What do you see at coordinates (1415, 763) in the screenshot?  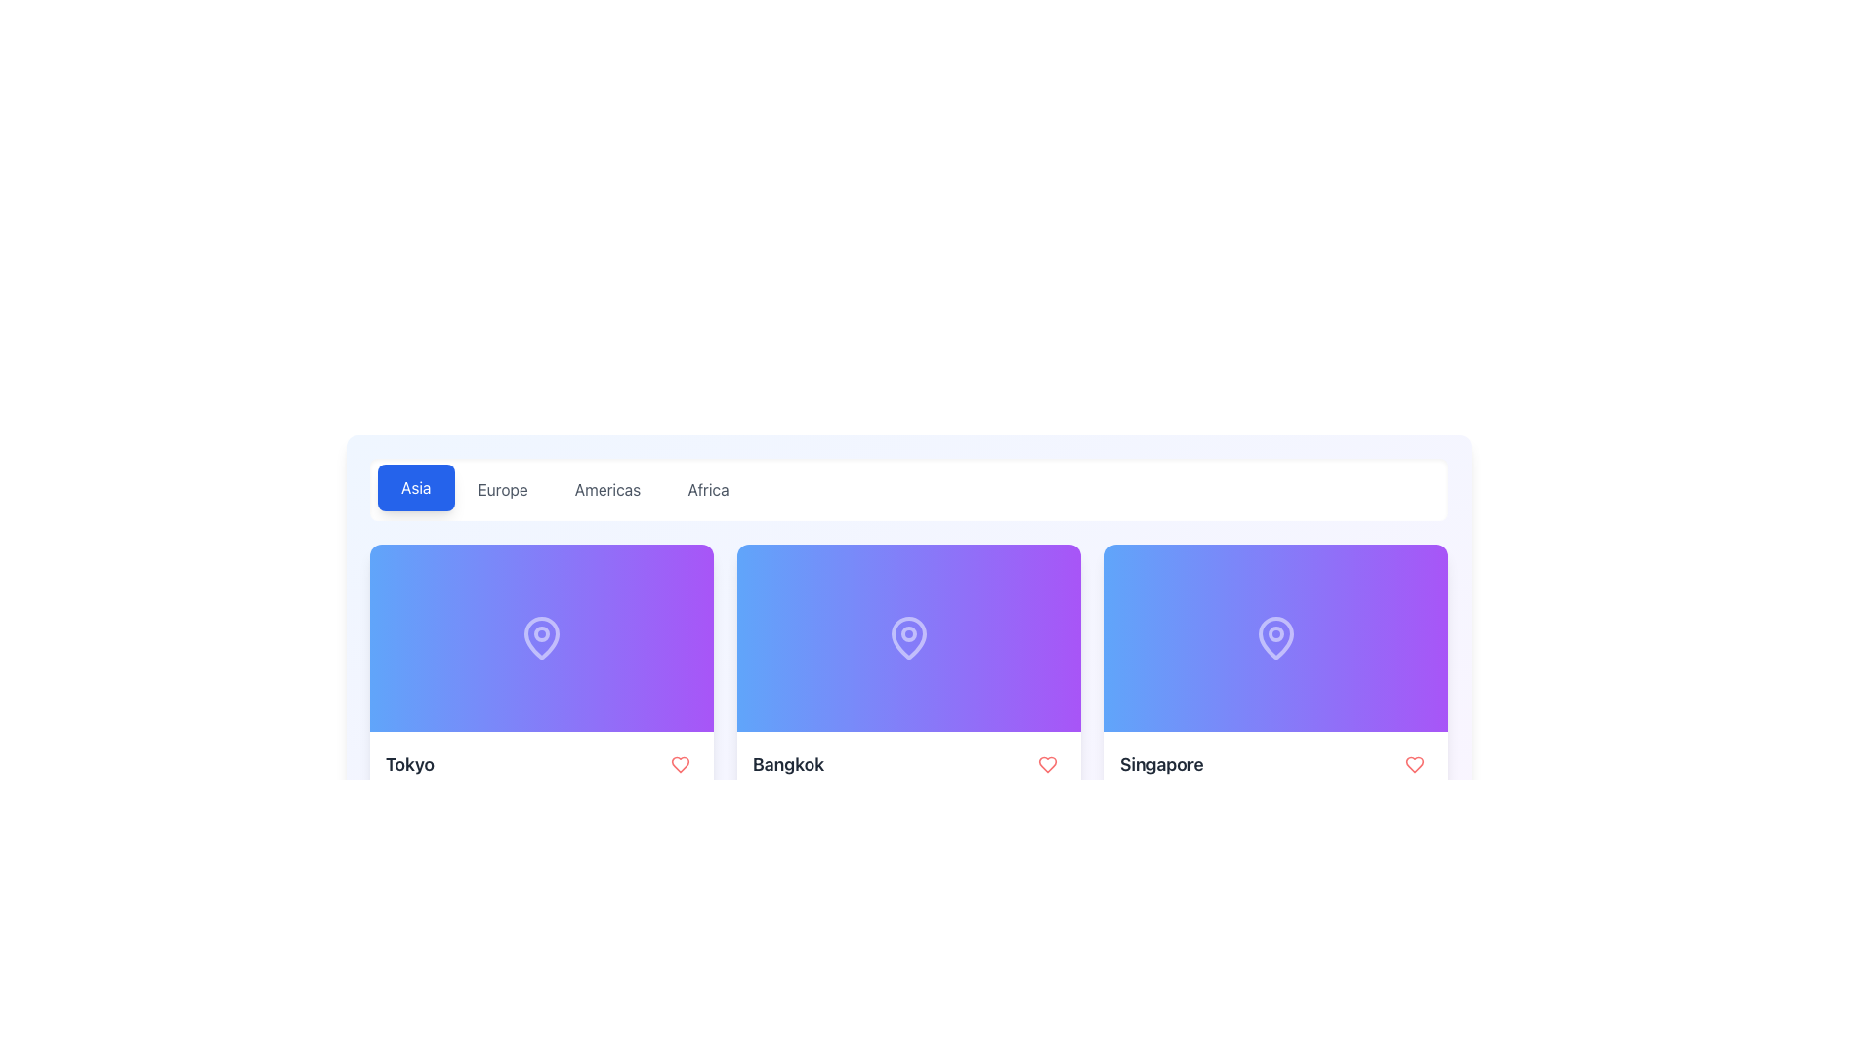 I see `the heart icon button located at the bottom-right corner of the card representing 'Singapore'` at bounding box center [1415, 763].